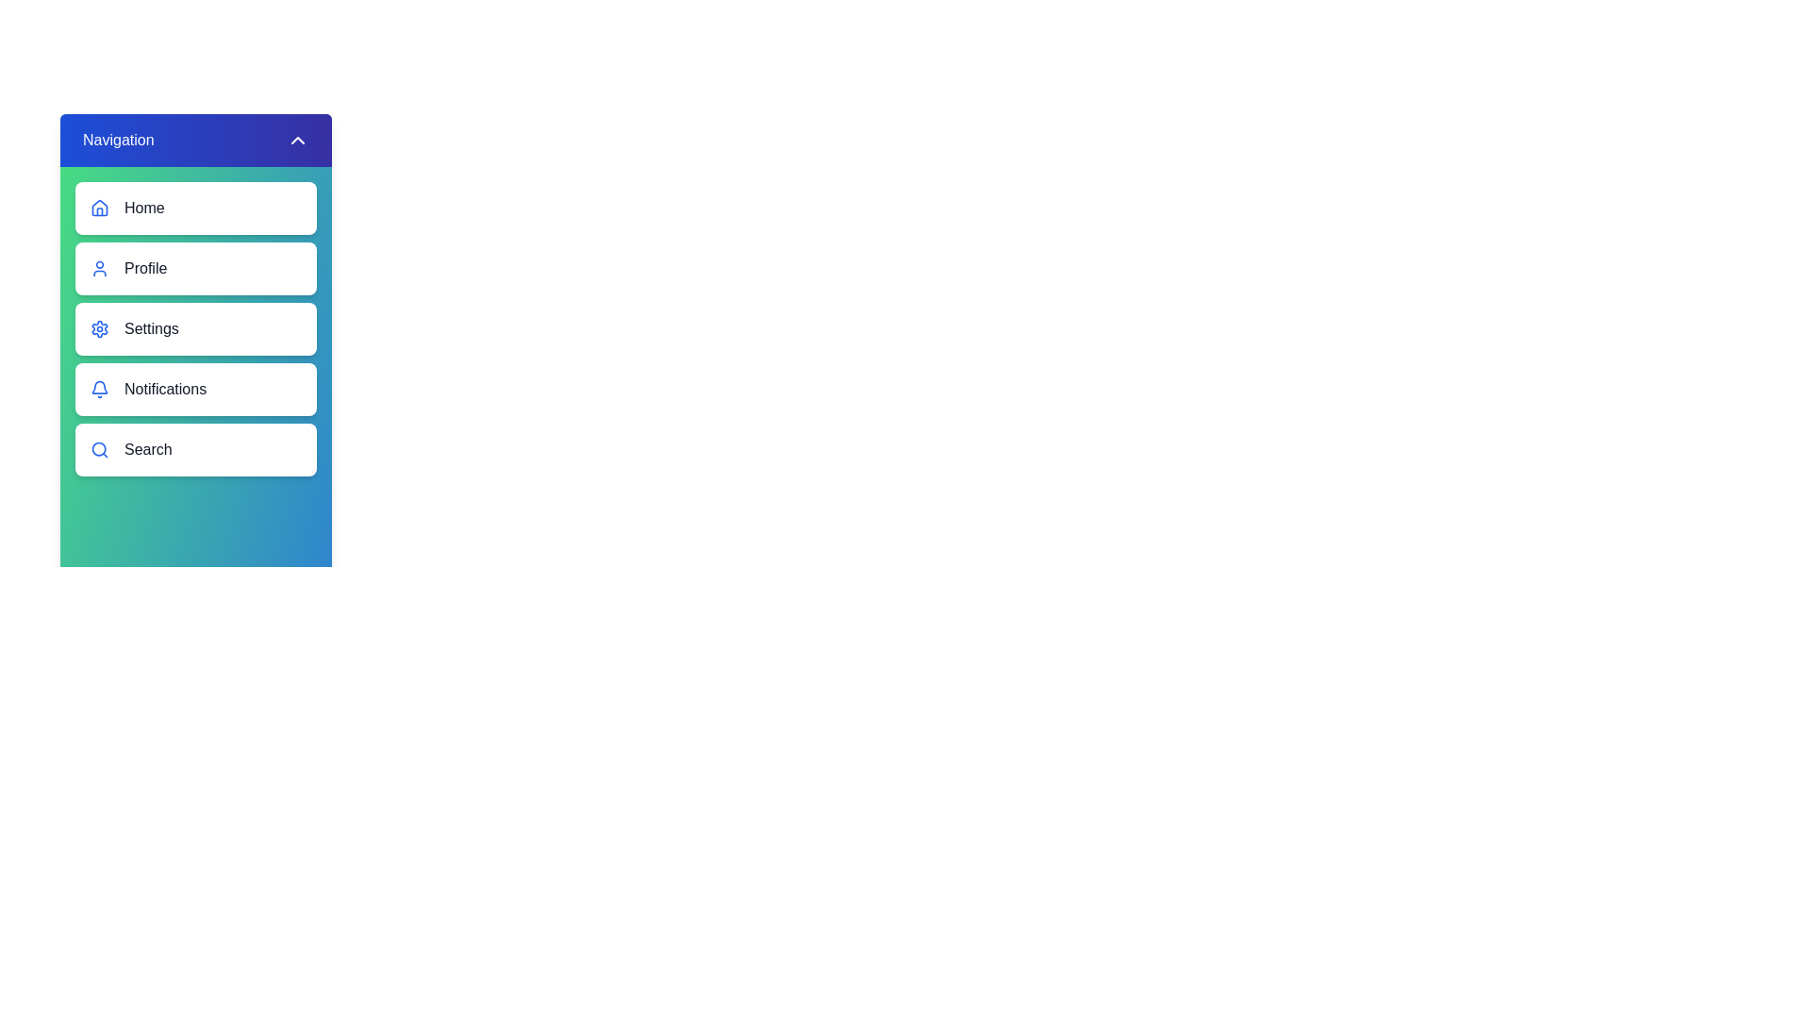 The width and height of the screenshot is (1811, 1019). I want to click on the 'Home' text label for accessibility tools, so click(143, 208).